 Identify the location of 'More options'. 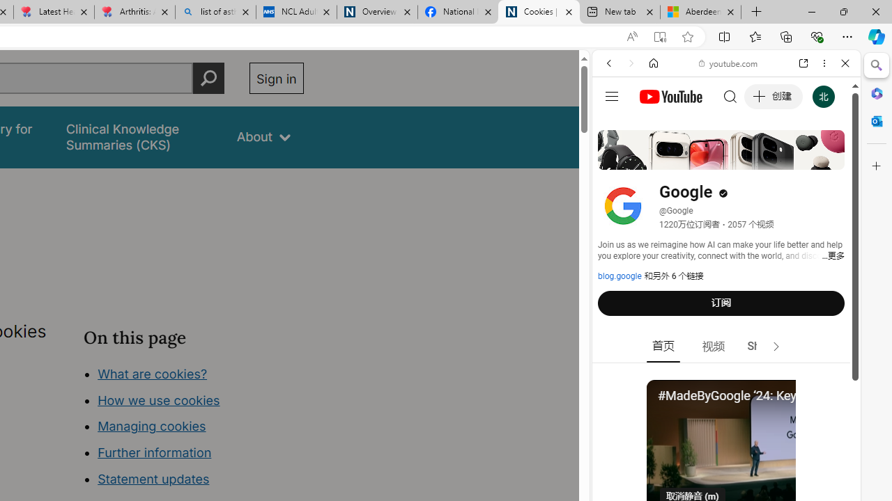
(824, 63).